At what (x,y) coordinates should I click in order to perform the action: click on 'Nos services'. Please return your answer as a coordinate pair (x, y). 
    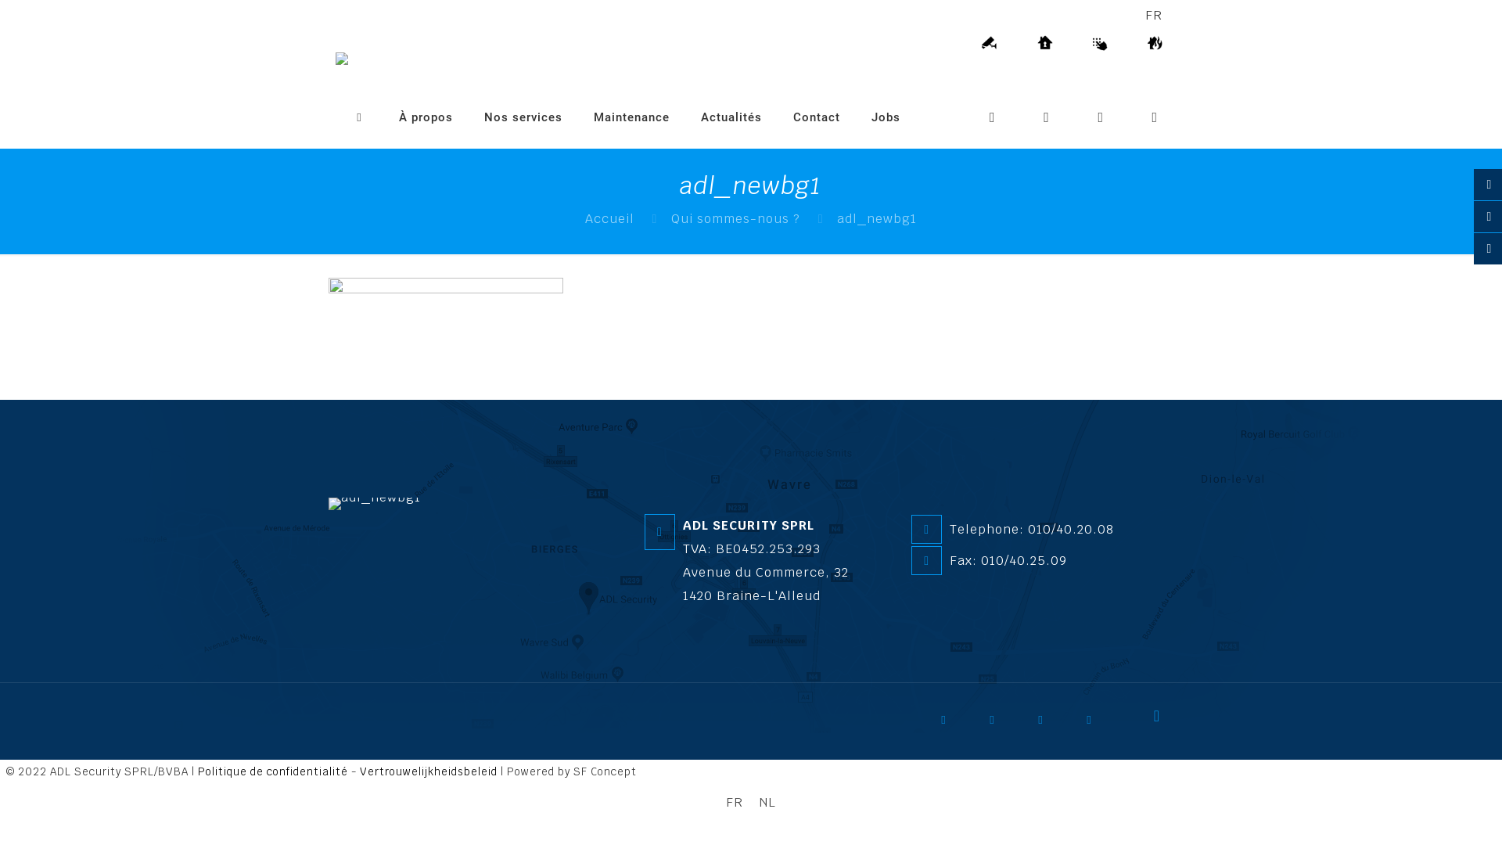
    Looking at the image, I should click on (523, 117).